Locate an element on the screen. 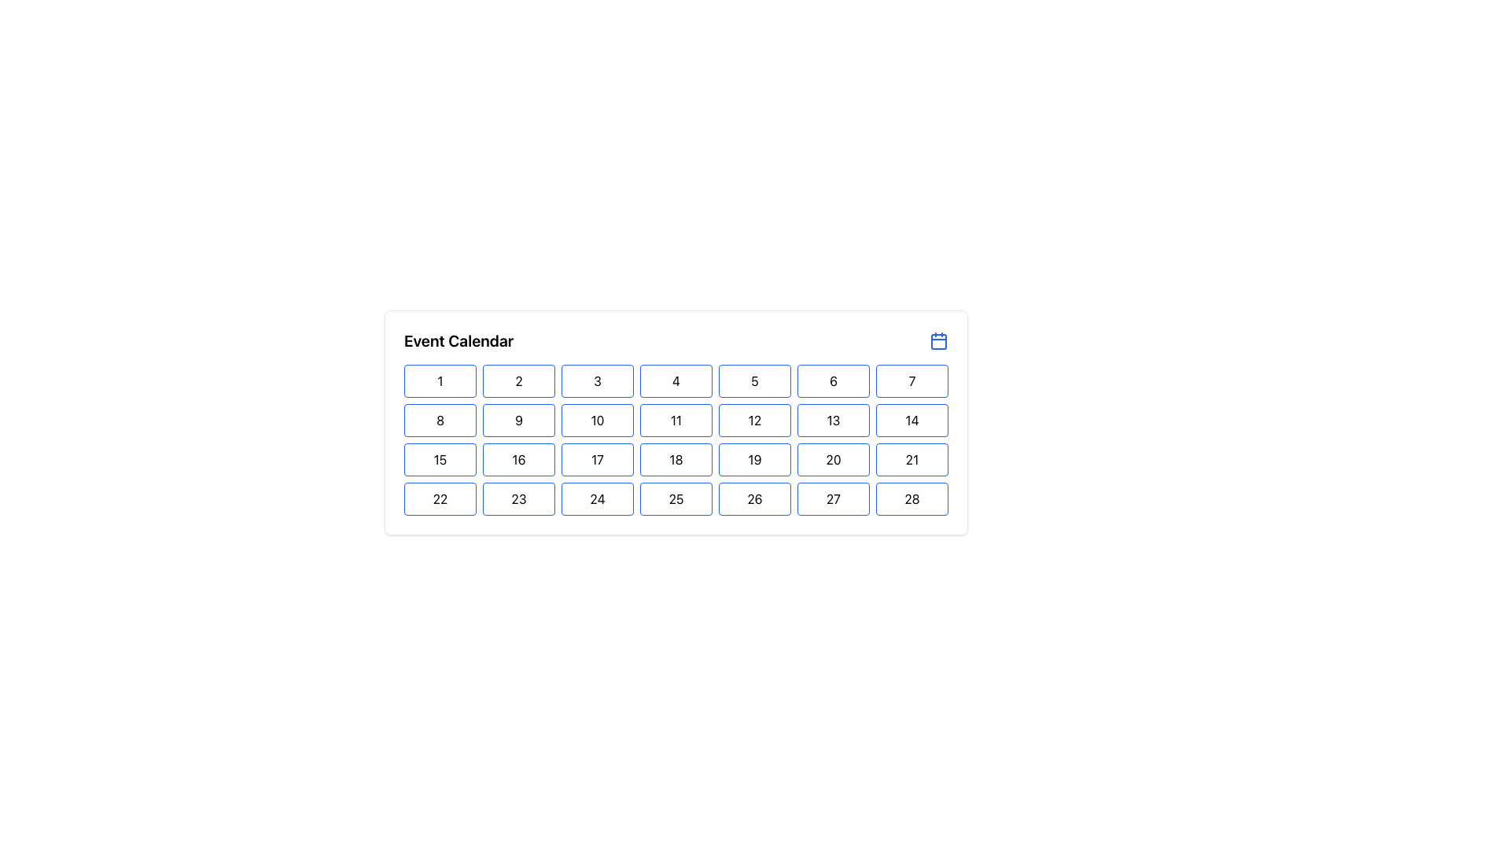  the rectangular button with rounded corners, styled with a blue border, containing the text '15', located in the third row and first column of the grid layout is located at coordinates (440, 460).